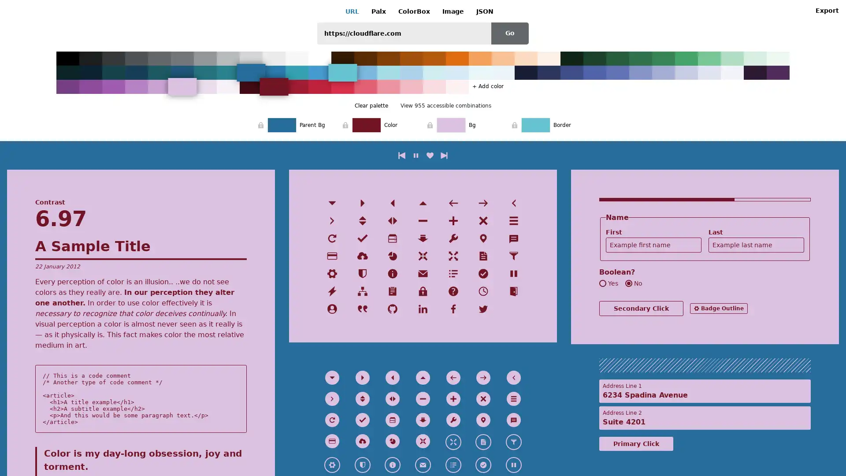  What do you see at coordinates (352, 11) in the screenshot?
I see `URL` at bounding box center [352, 11].